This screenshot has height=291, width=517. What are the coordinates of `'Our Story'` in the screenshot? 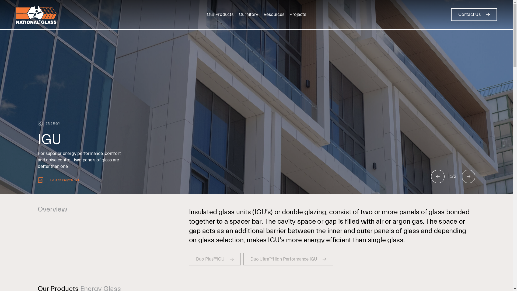 It's located at (248, 14).